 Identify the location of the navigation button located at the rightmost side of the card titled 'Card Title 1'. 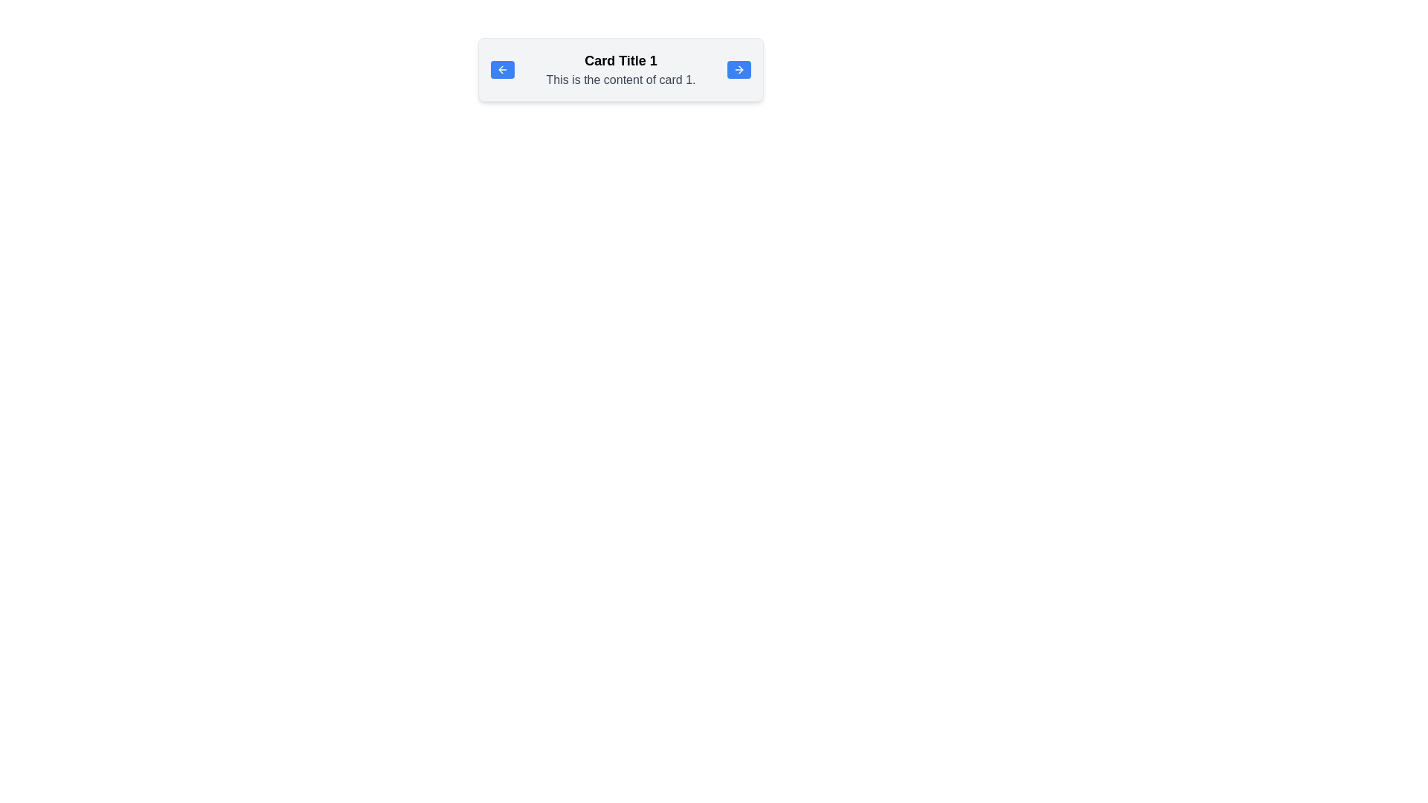
(739, 69).